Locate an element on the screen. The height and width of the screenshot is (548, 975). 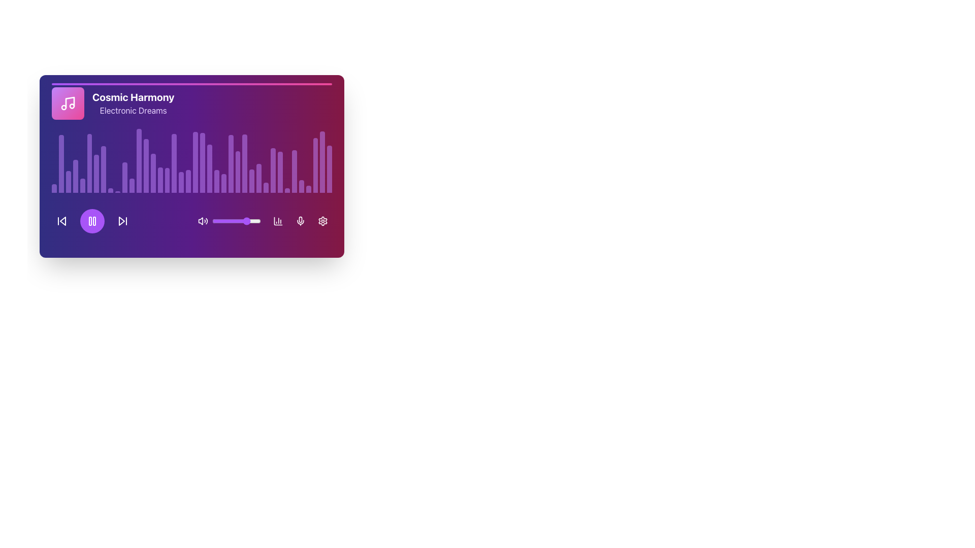
the left-facing triangle 'previous' button, which is white and located within a purple circular button, to go to the previous track is located at coordinates (61, 220).